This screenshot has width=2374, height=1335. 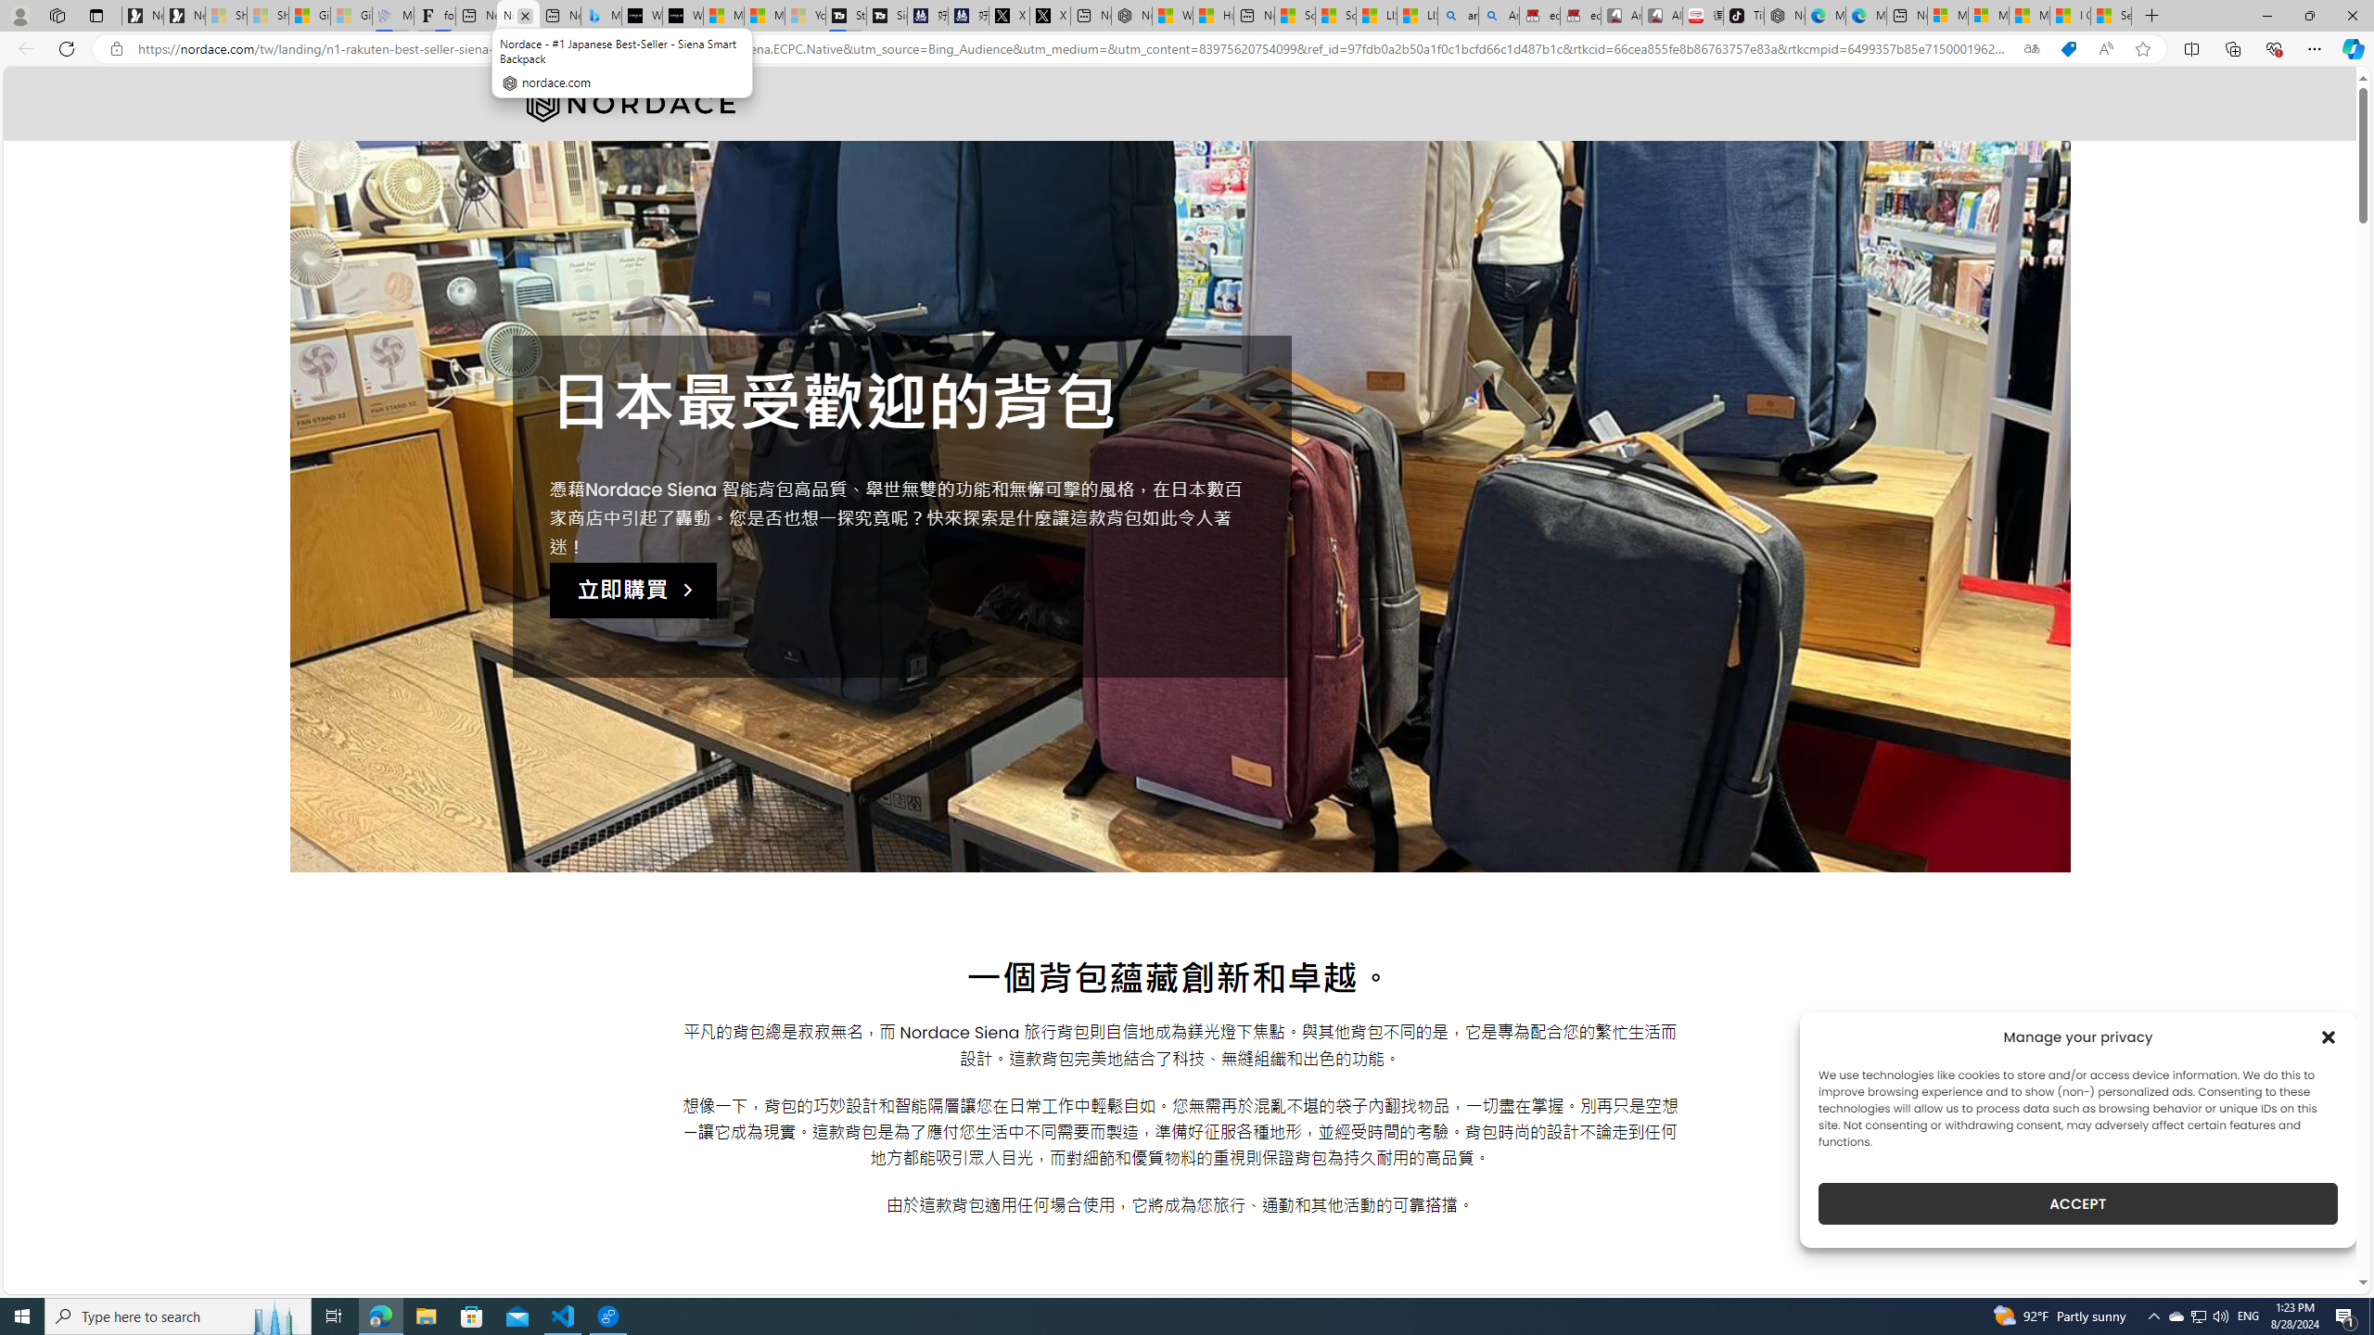 What do you see at coordinates (2068, 49) in the screenshot?
I see `'This site has coupons! Shopping in Microsoft Edge'` at bounding box center [2068, 49].